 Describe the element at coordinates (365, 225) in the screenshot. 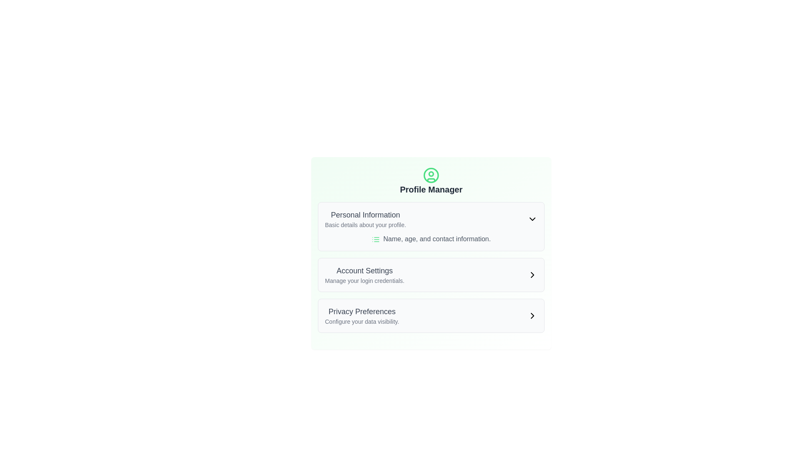

I see `the text label that provides a brief description of the 'Personal Information' section, located beneath the title 'Personal Information' in the 'Profile Manager' section` at that location.